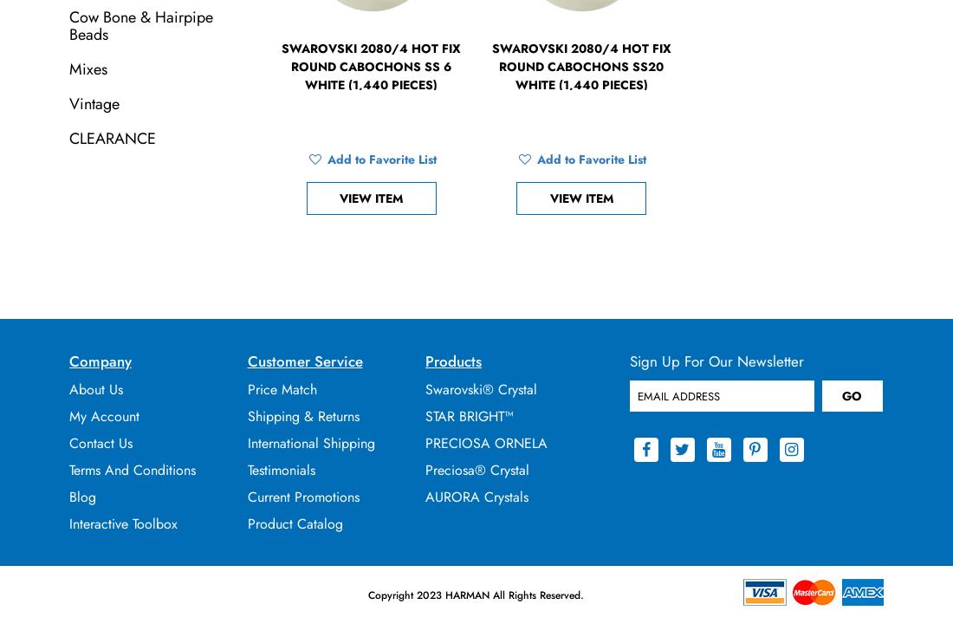  Describe the element at coordinates (100, 442) in the screenshot. I see `'Contact Us'` at that location.